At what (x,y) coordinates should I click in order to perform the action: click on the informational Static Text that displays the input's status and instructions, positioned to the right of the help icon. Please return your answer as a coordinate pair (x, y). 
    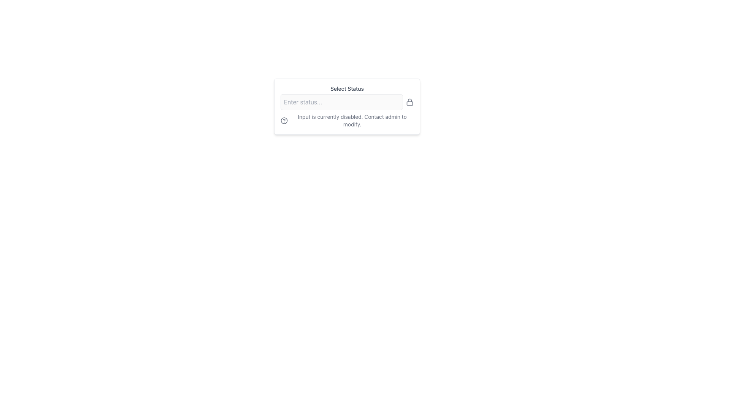
    Looking at the image, I should click on (352, 120).